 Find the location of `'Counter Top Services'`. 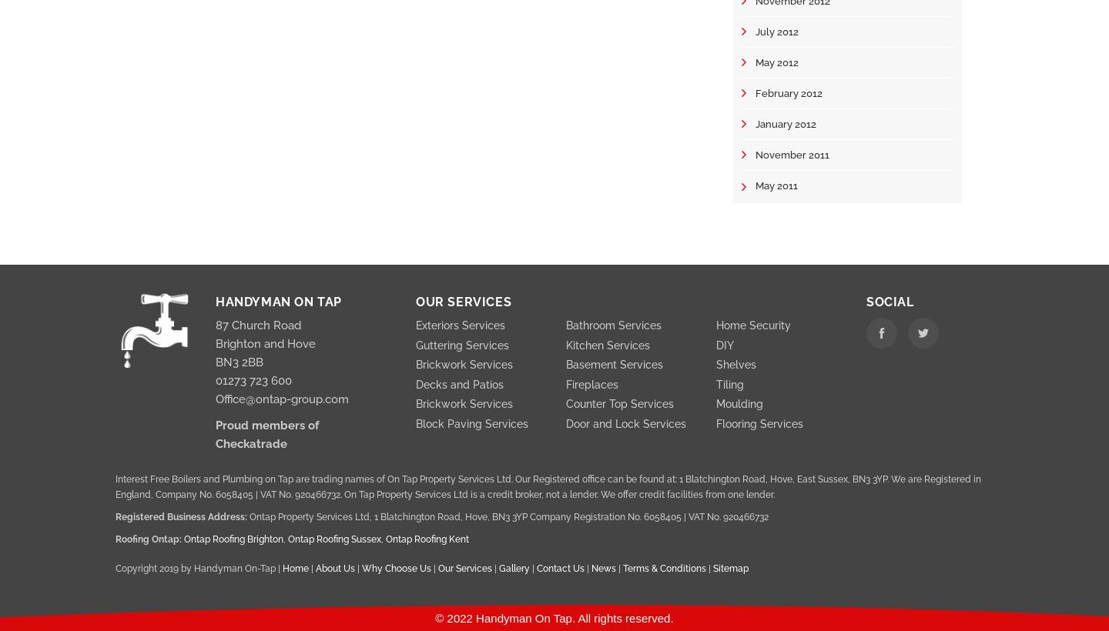

'Counter Top Services' is located at coordinates (619, 402).